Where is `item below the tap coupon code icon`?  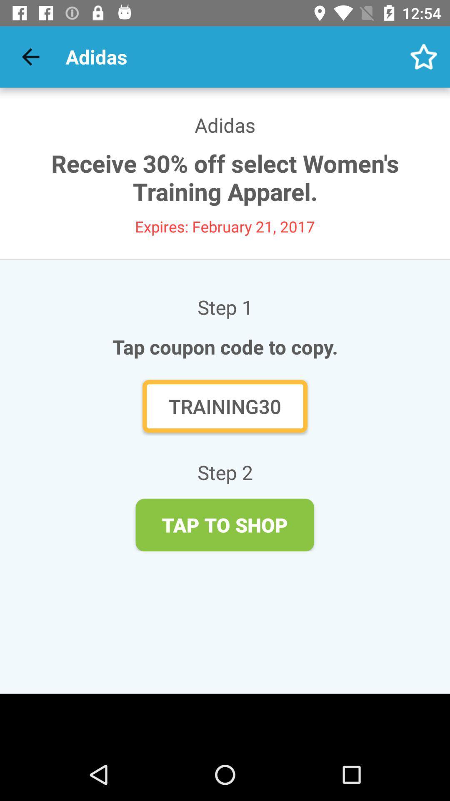
item below the tap coupon code icon is located at coordinates (225, 406).